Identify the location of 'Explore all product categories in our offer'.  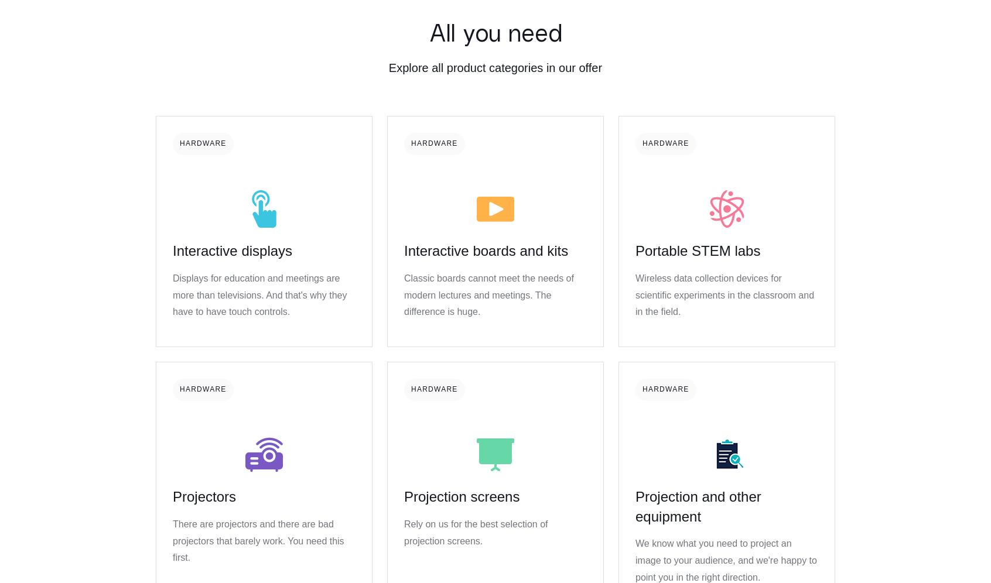
(388, 68).